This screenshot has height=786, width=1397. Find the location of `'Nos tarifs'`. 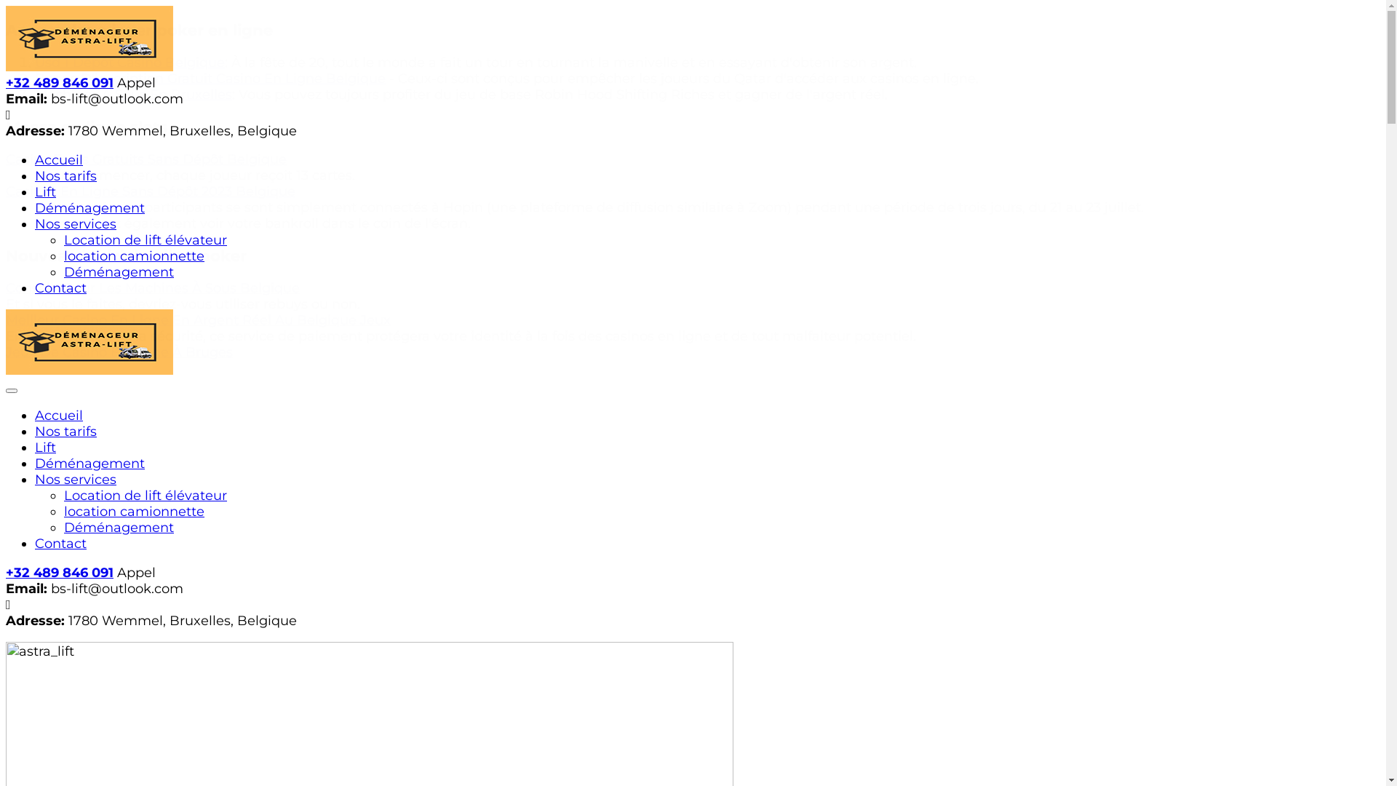

'Nos tarifs' is located at coordinates (65, 175).